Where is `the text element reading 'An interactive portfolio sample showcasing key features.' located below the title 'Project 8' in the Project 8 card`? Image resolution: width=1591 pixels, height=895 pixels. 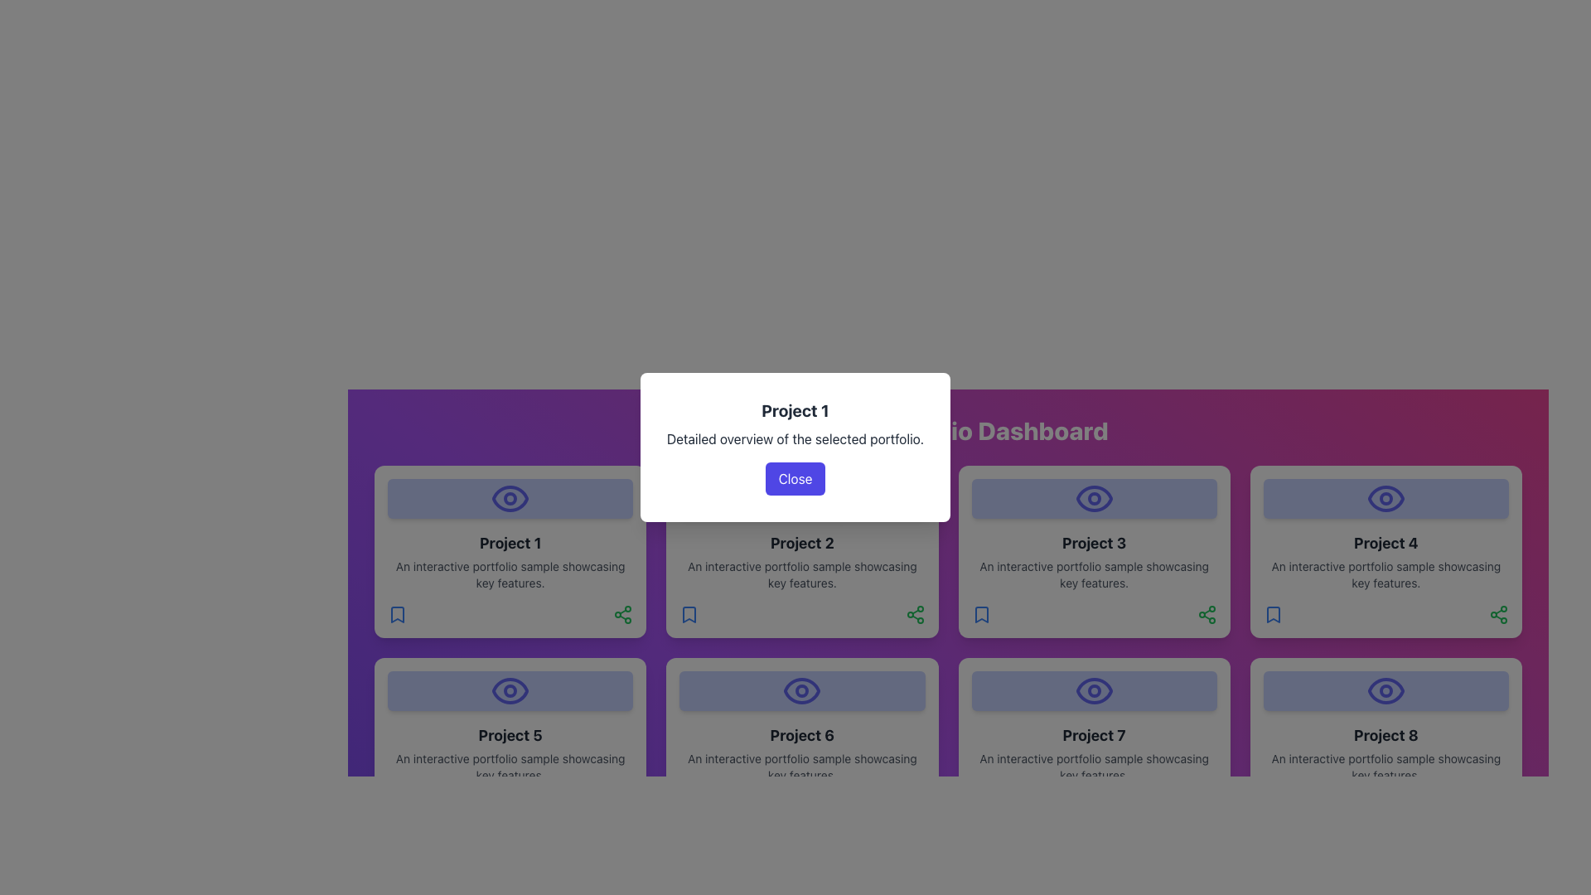 the text element reading 'An interactive portfolio sample showcasing key features.' located below the title 'Project 8' in the Project 8 card is located at coordinates (1385, 767).